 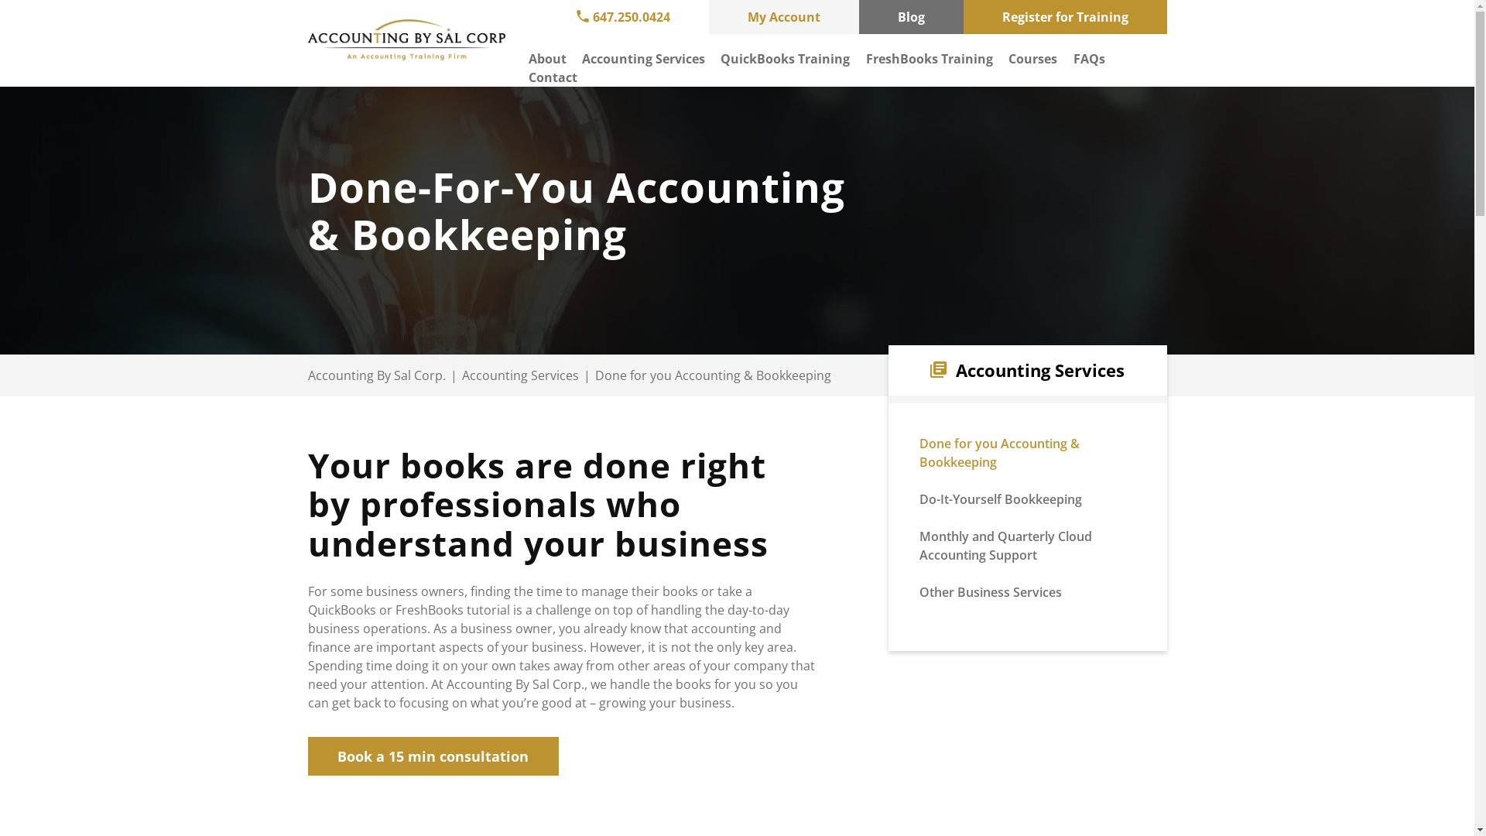 What do you see at coordinates (999, 453) in the screenshot?
I see `'Done for you Accounting & Bookkeeping'` at bounding box center [999, 453].